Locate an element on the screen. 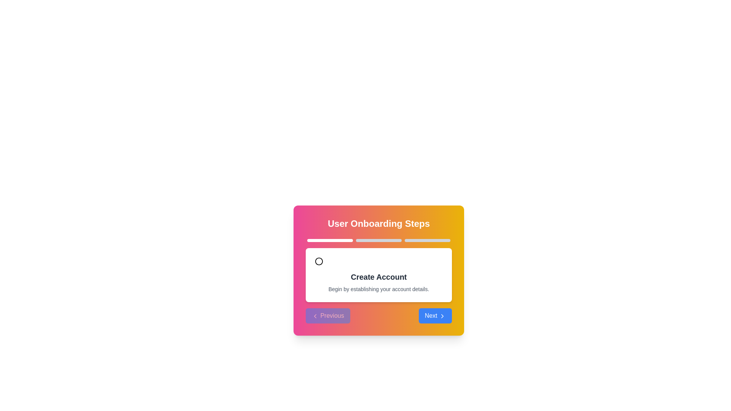 This screenshot has height=411, width=731. the 'Previous' button with a purple gradient background and white text is located at coordinates (328, 315).